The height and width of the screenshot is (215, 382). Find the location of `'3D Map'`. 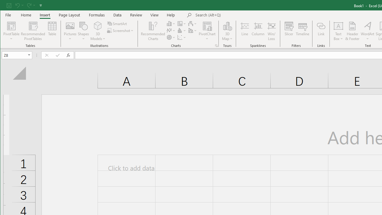

'3D Map' is located at coordinates (227, 25).